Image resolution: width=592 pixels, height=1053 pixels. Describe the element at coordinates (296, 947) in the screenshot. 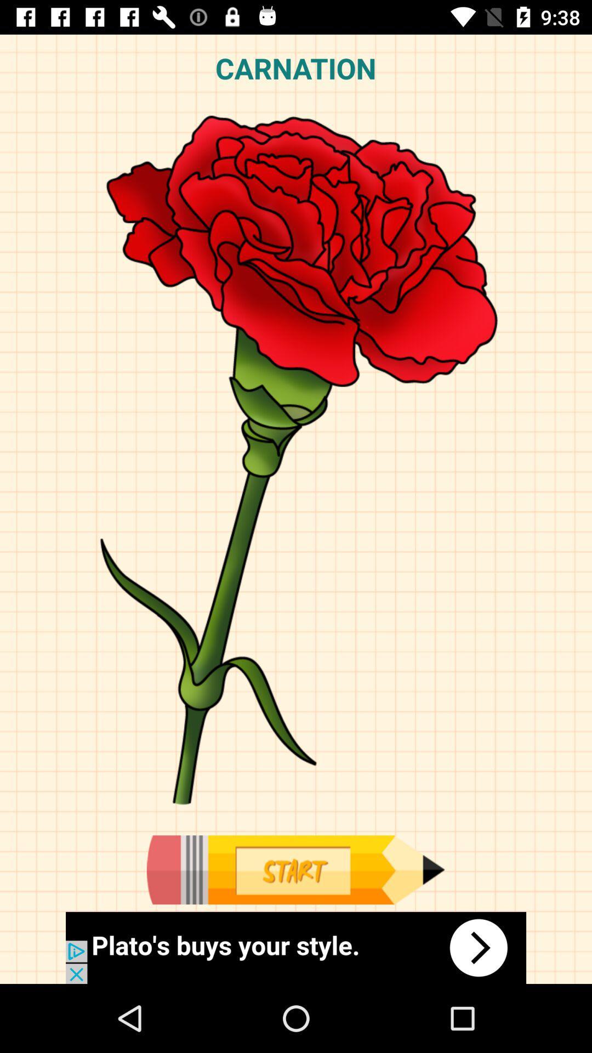

I see `advertisement` at that location.